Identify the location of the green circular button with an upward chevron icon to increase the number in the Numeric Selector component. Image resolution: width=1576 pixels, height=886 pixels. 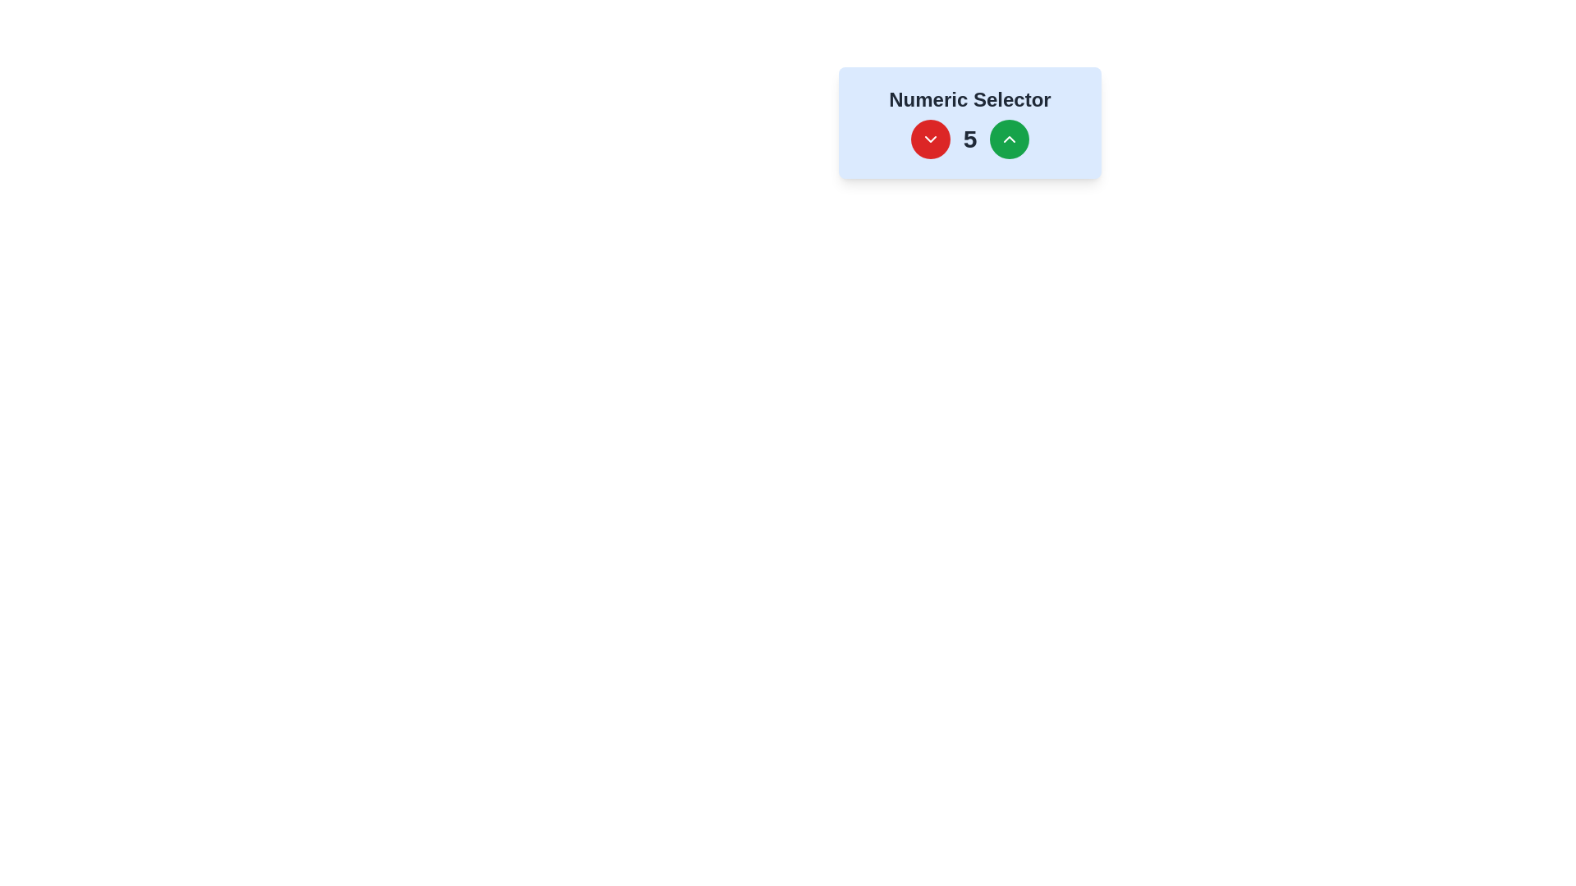
(969, 122).